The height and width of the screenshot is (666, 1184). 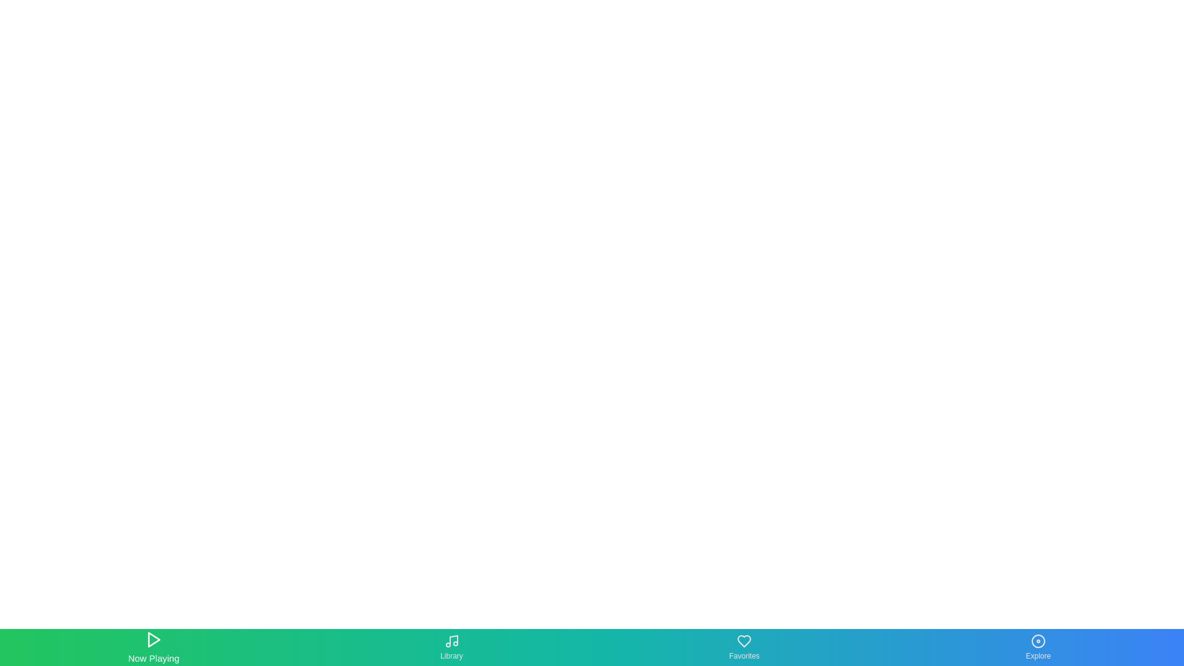 What do you see at coordinates (1037, 646) in the screenshot?
I see `the Explore tab in the bottom navigation bar` at bounding box center [1037, 646].